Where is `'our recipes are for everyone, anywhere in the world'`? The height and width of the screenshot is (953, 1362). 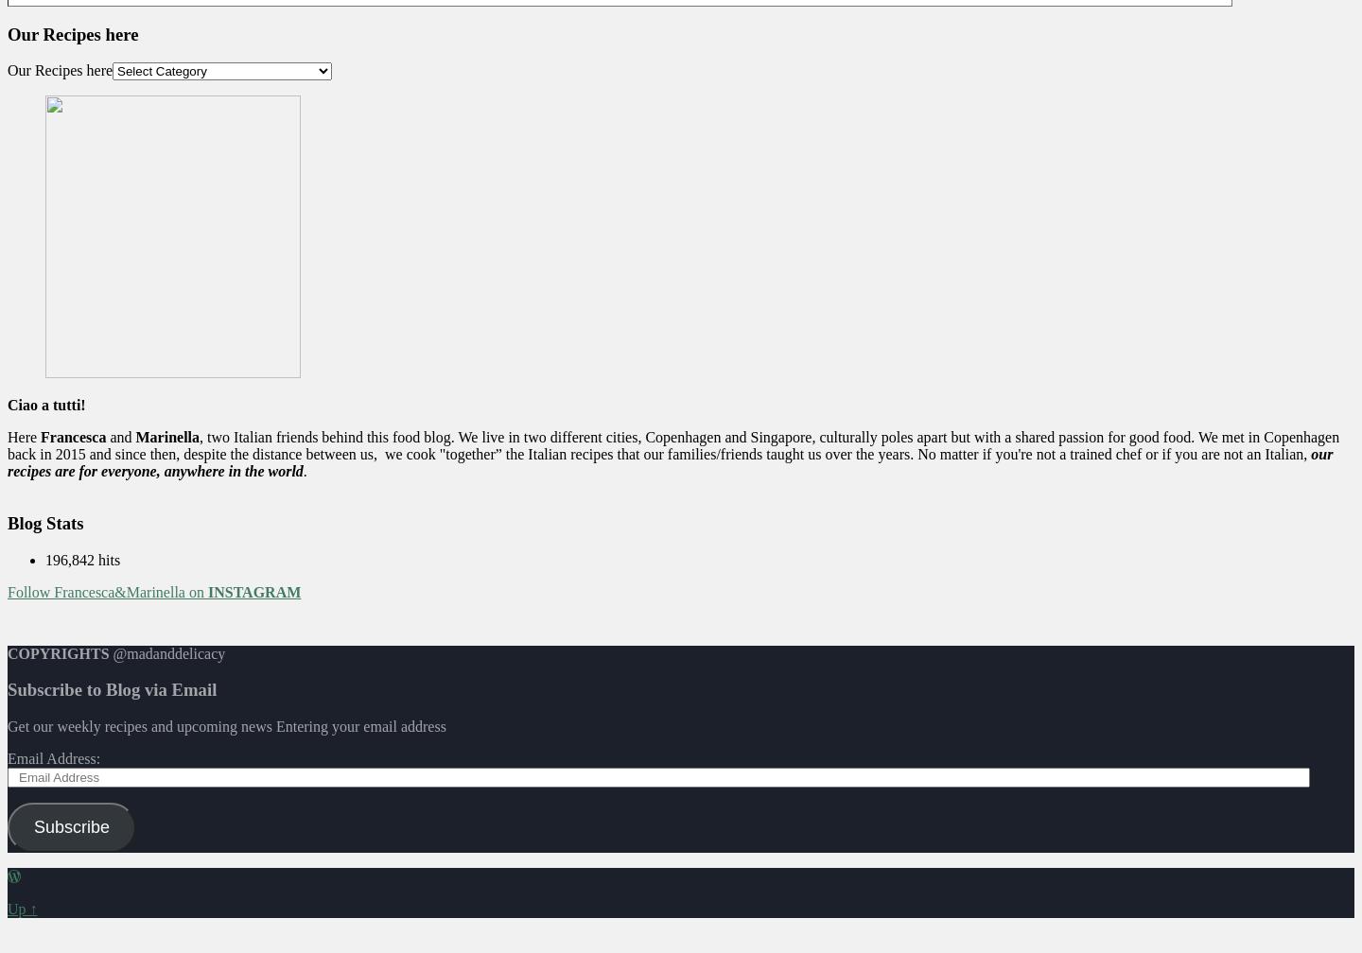
'our recipes are for everyone, anywhere in the world' is located at coordinates (670, 462).